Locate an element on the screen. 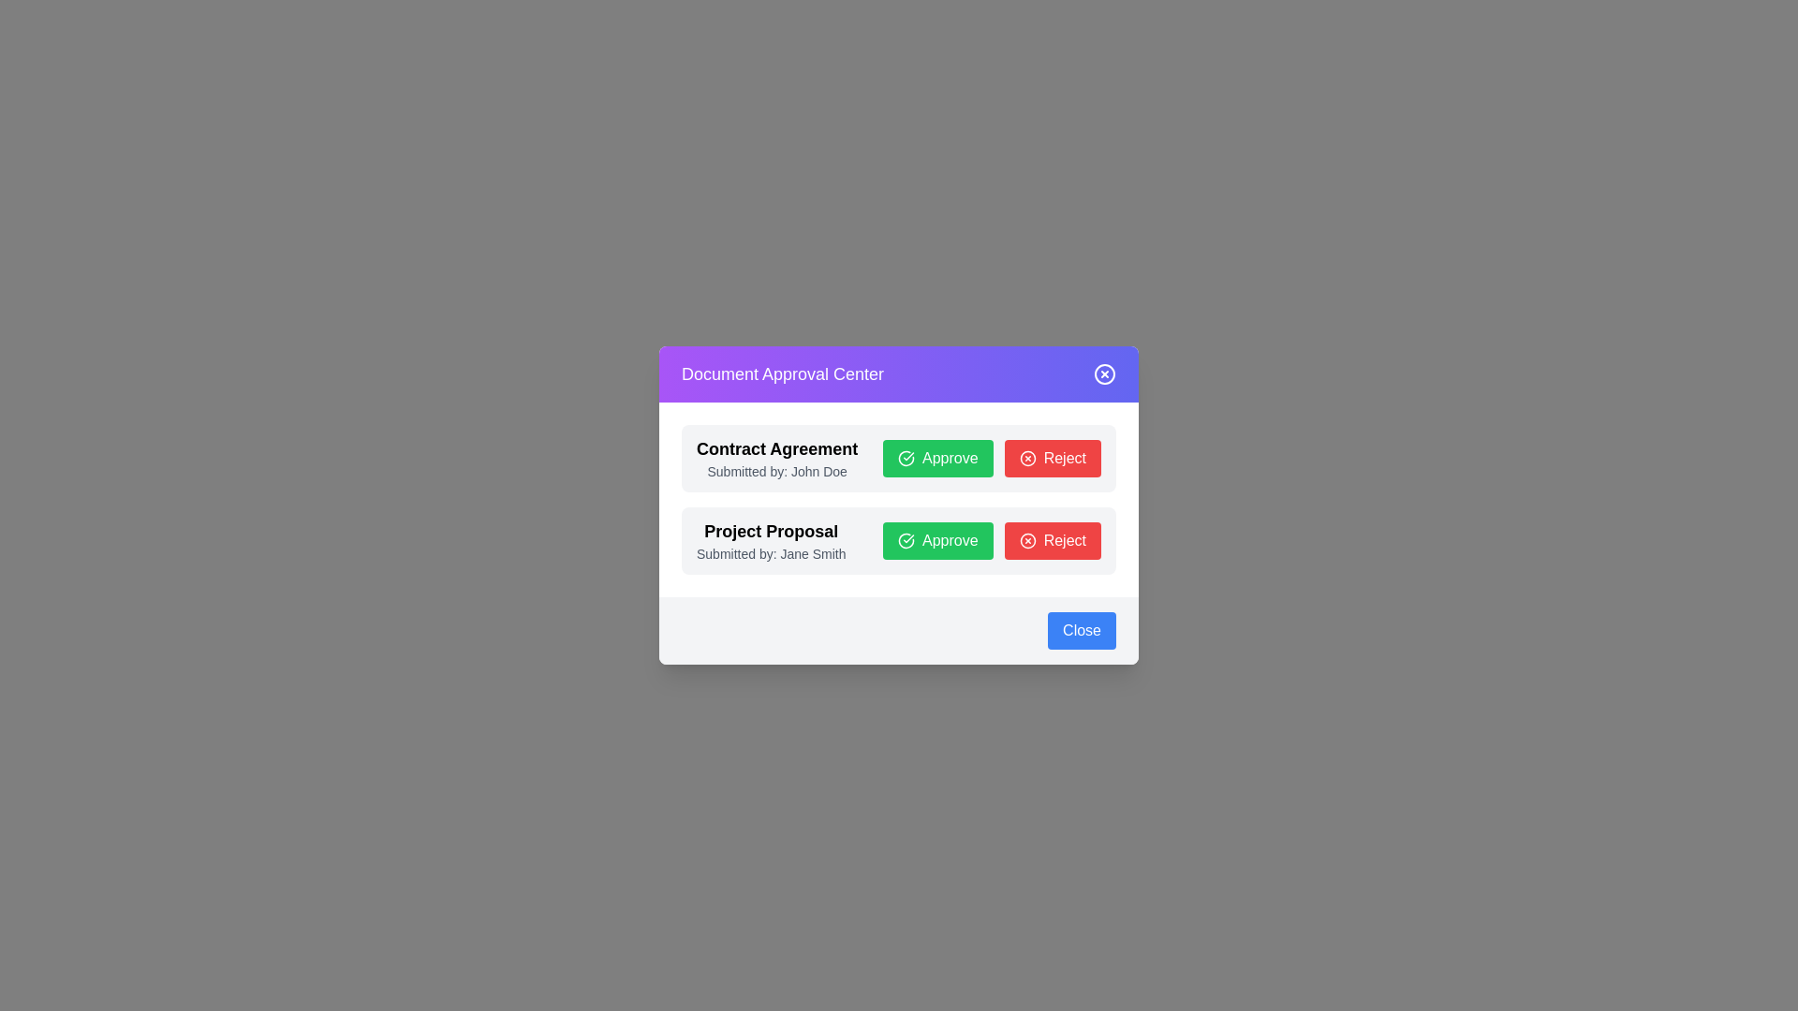 This screenshot has width=1798, height=1011. the 'Contract Agreement' static text label, which is prominently displayed at the top of the document approval section in a large, bold font is located at coordinates (777, 448).